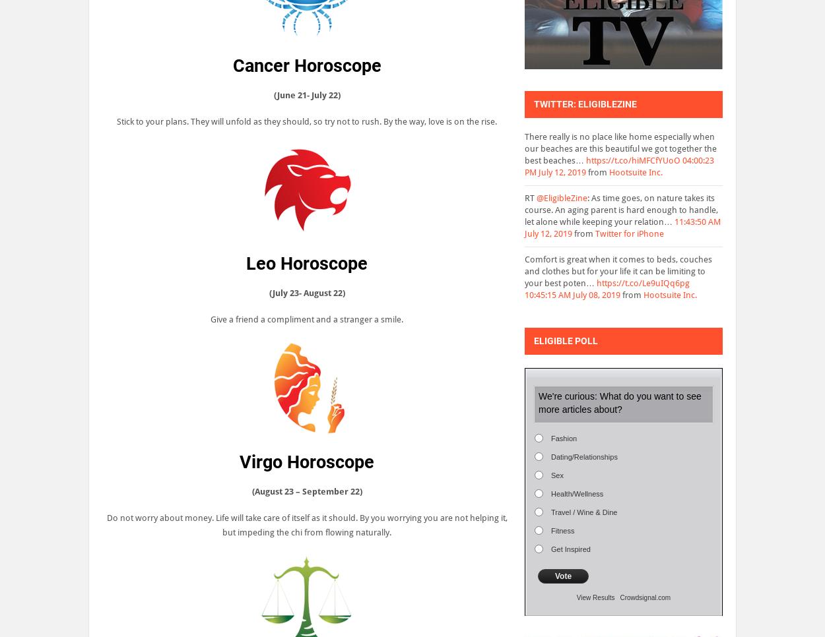 The image size is (825, 637). Describe the element at coordinates (525, 210) in the screenshot. I see `': As time goes, on nature takes its course. An aging parent is hard enough to handle, let alone while keeping your relation…'` at that location.